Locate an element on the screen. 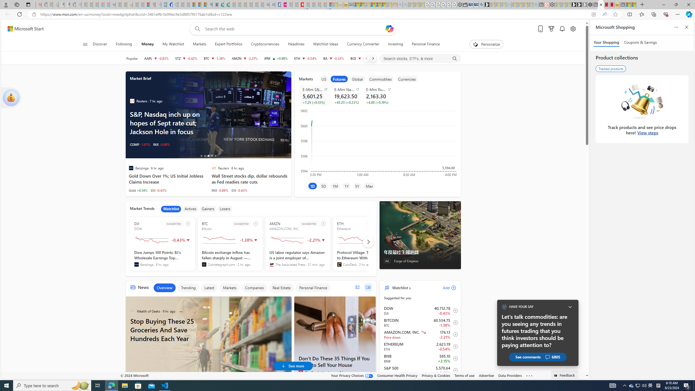 Image resolution: width=695 pixels, height=391 pixels. 'AMZN SUGGESTED AMAZON.COM, INC.' is located at coordinates (298, 243).